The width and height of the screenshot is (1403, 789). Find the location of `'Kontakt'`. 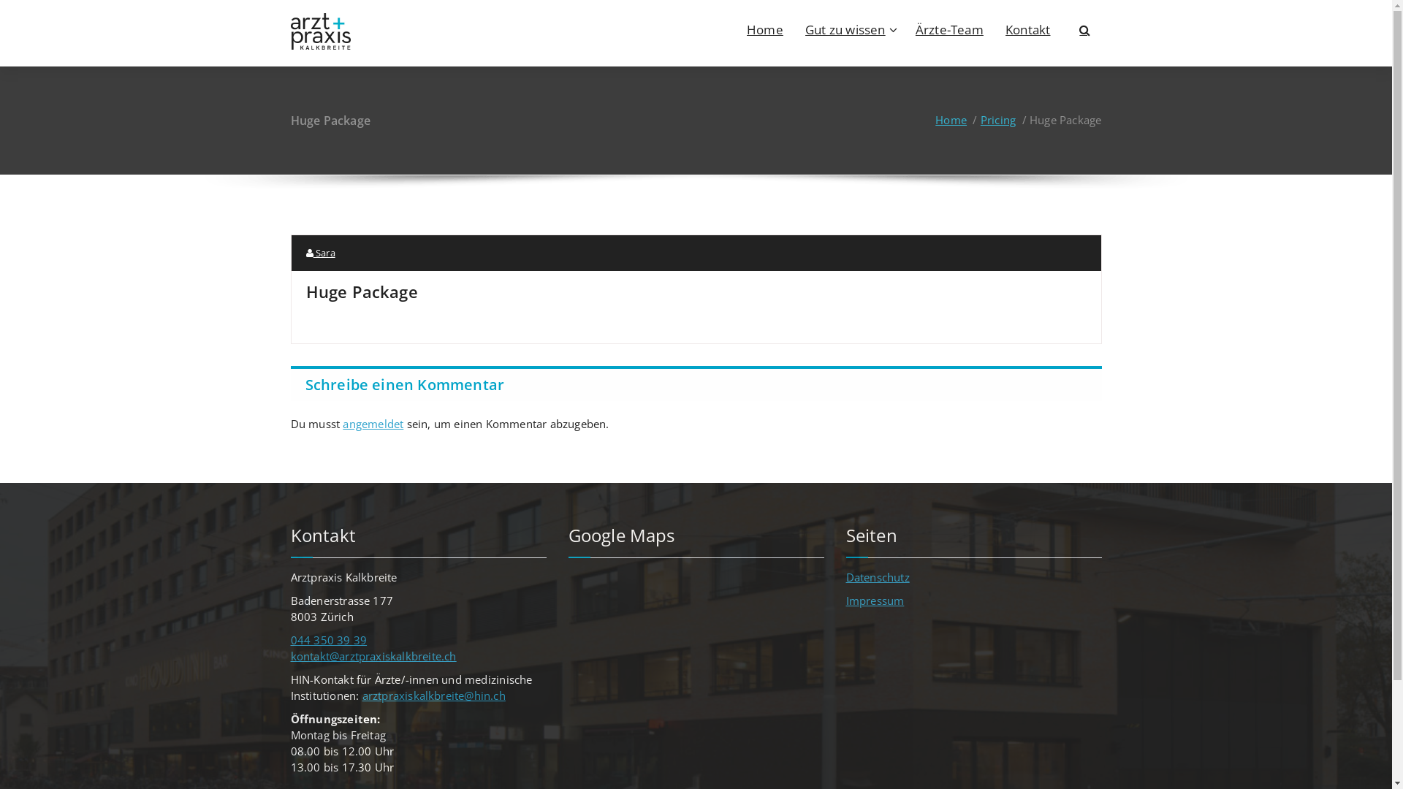

'Kontakt' is located at coordinates (1027, 28).